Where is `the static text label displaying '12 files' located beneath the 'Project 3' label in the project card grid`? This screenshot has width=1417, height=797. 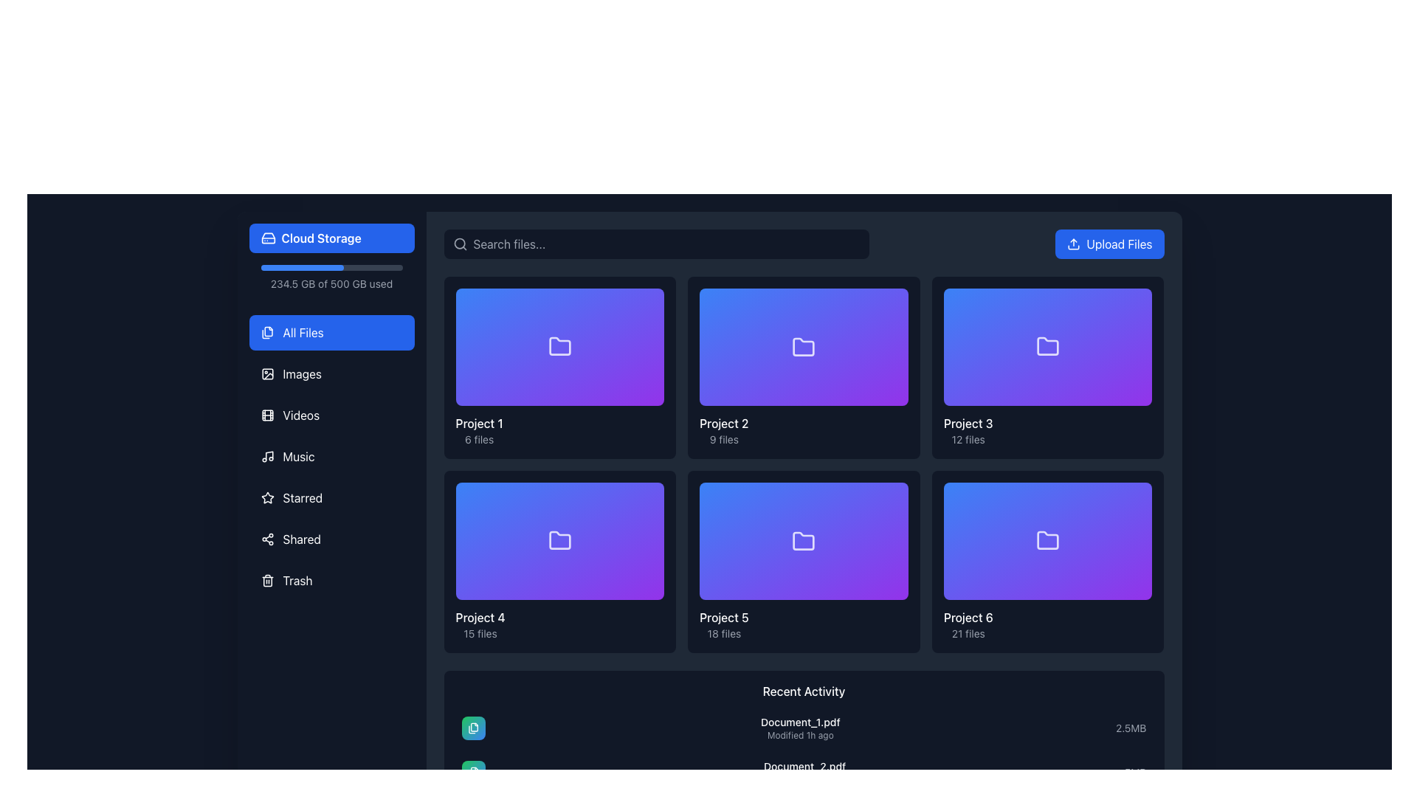 the static text label displaying '12 files' located beneath the 'Project 3' label in the project card grid is located at coordinates (968, 438).